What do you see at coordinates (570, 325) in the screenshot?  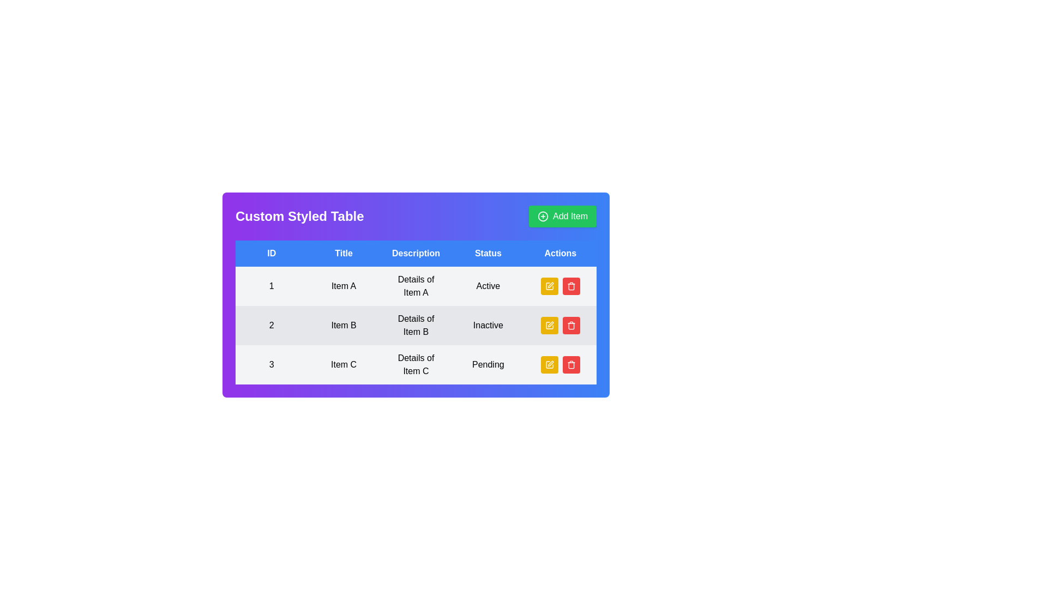 I see `the red trash can button located at the right end of the 'Actions' column in the tabular layout` at bounding box center [570, 325].